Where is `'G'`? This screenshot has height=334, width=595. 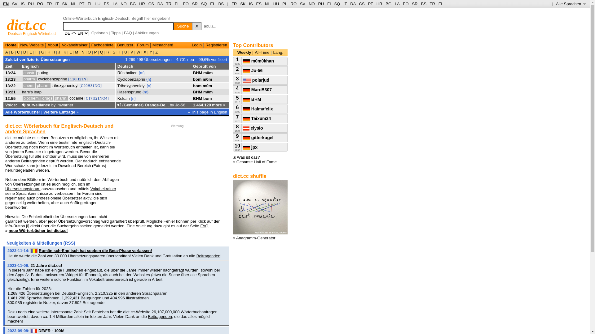
'G' is located at coordinates (40, 52).